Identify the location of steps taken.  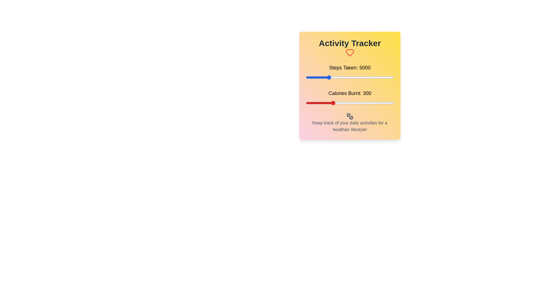
(313, 77).